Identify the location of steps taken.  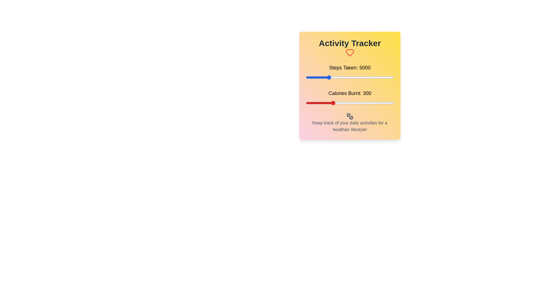
(313, 77).